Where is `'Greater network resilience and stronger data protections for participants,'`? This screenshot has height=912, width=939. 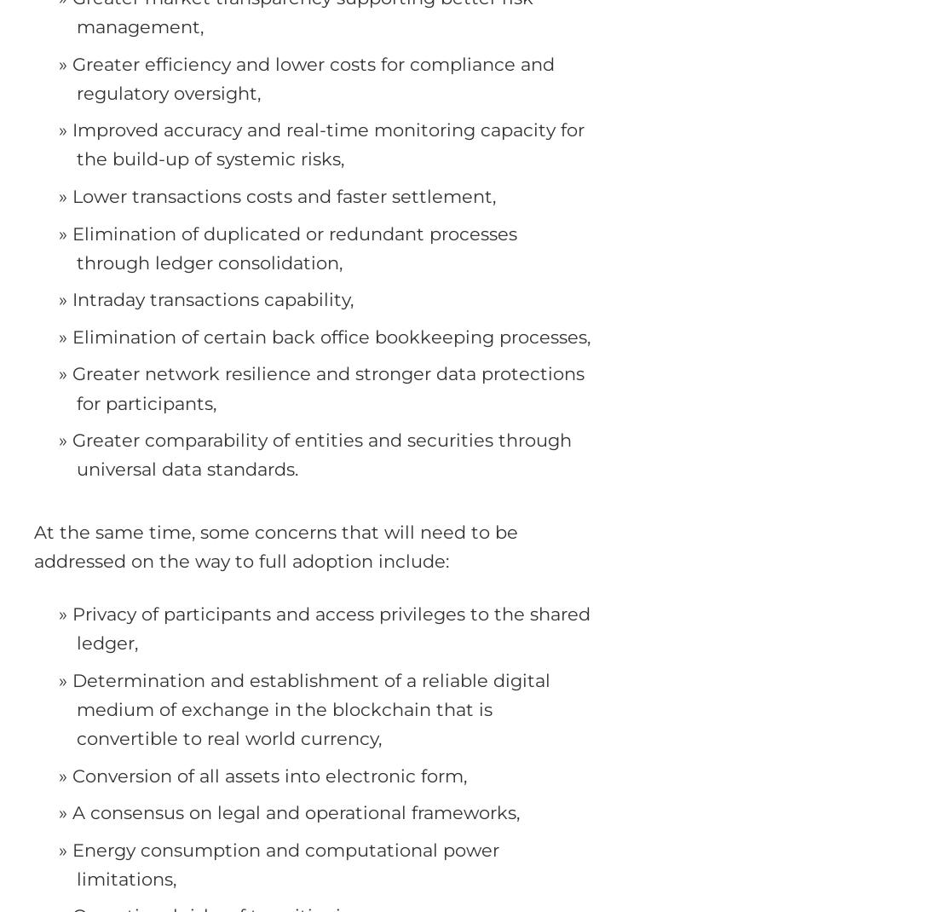
'Greater network resilience and stronger data protections for participants,' is located at coordinates (327, 388).